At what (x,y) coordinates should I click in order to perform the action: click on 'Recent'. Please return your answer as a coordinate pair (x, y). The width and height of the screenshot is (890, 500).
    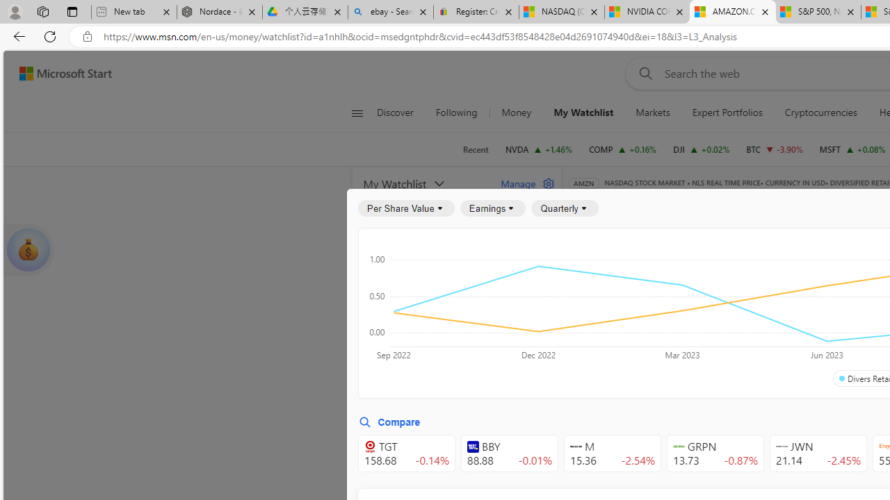
    Looking at the image, I should click on (476, 149).